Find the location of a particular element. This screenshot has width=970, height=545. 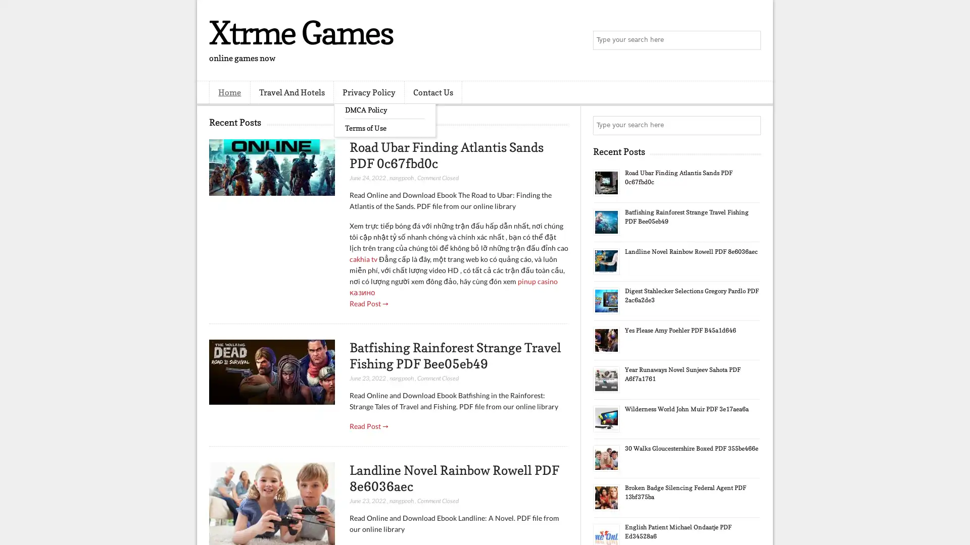

Search is located at coordinates (750, 125).